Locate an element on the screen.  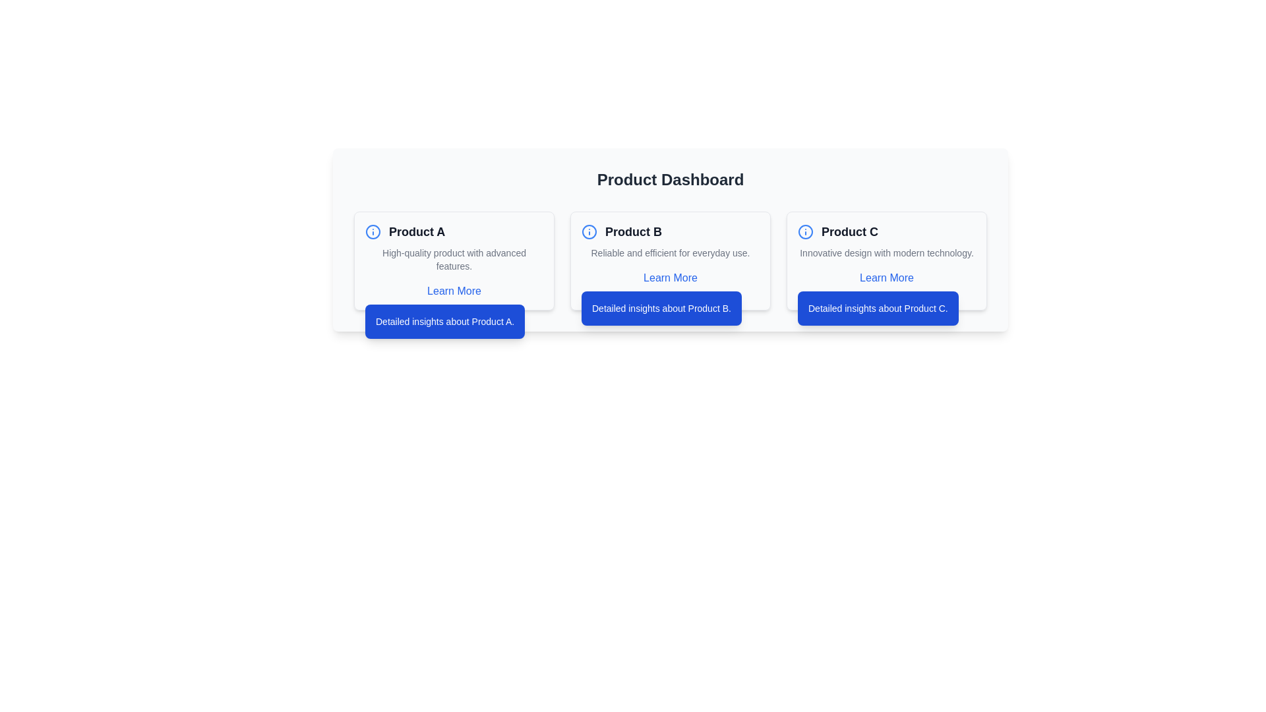
the informational icon located in the header section of the 'Product B' card, positioned left of the text 'Product B' is located at coordinates (588, 231).